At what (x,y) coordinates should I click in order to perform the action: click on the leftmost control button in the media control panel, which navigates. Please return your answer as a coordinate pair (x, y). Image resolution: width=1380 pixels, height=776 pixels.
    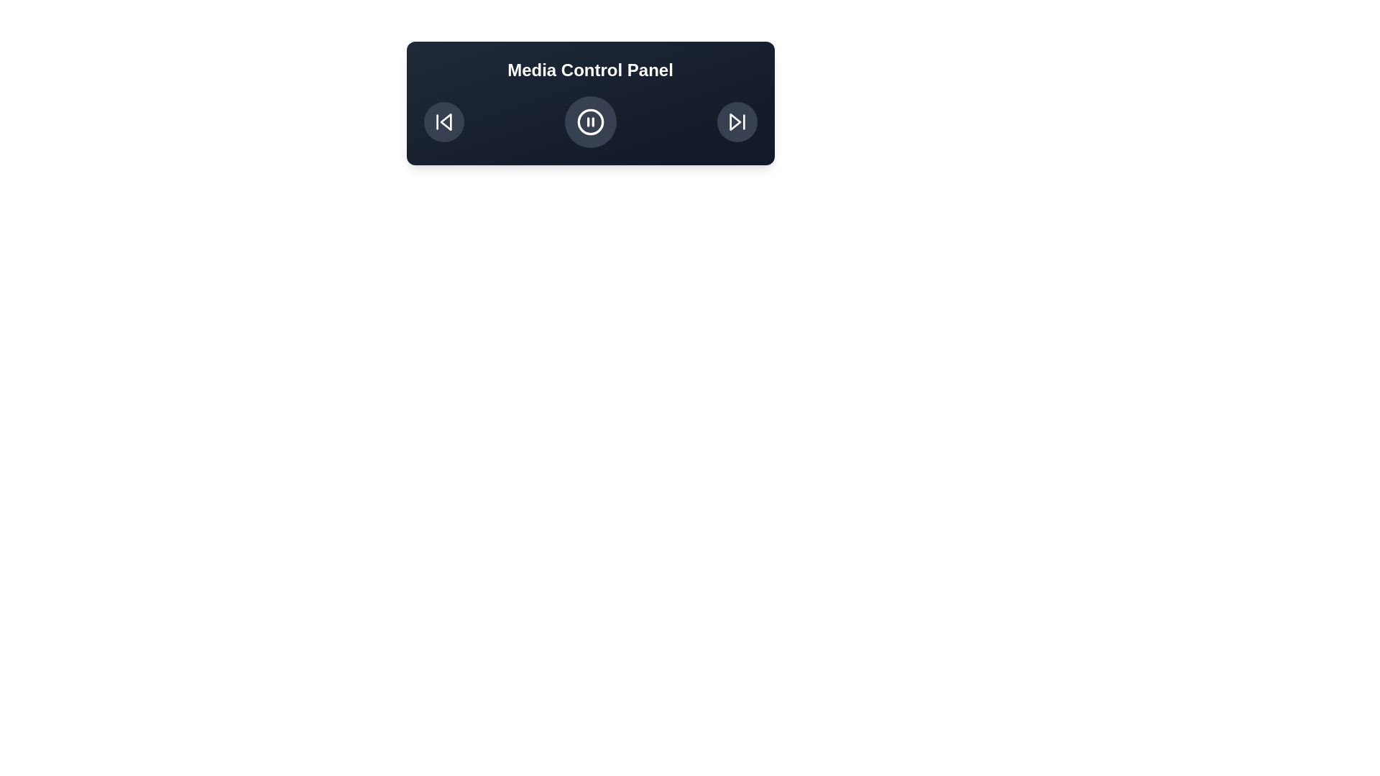
    Looking at the image, I should click on (443, 121).